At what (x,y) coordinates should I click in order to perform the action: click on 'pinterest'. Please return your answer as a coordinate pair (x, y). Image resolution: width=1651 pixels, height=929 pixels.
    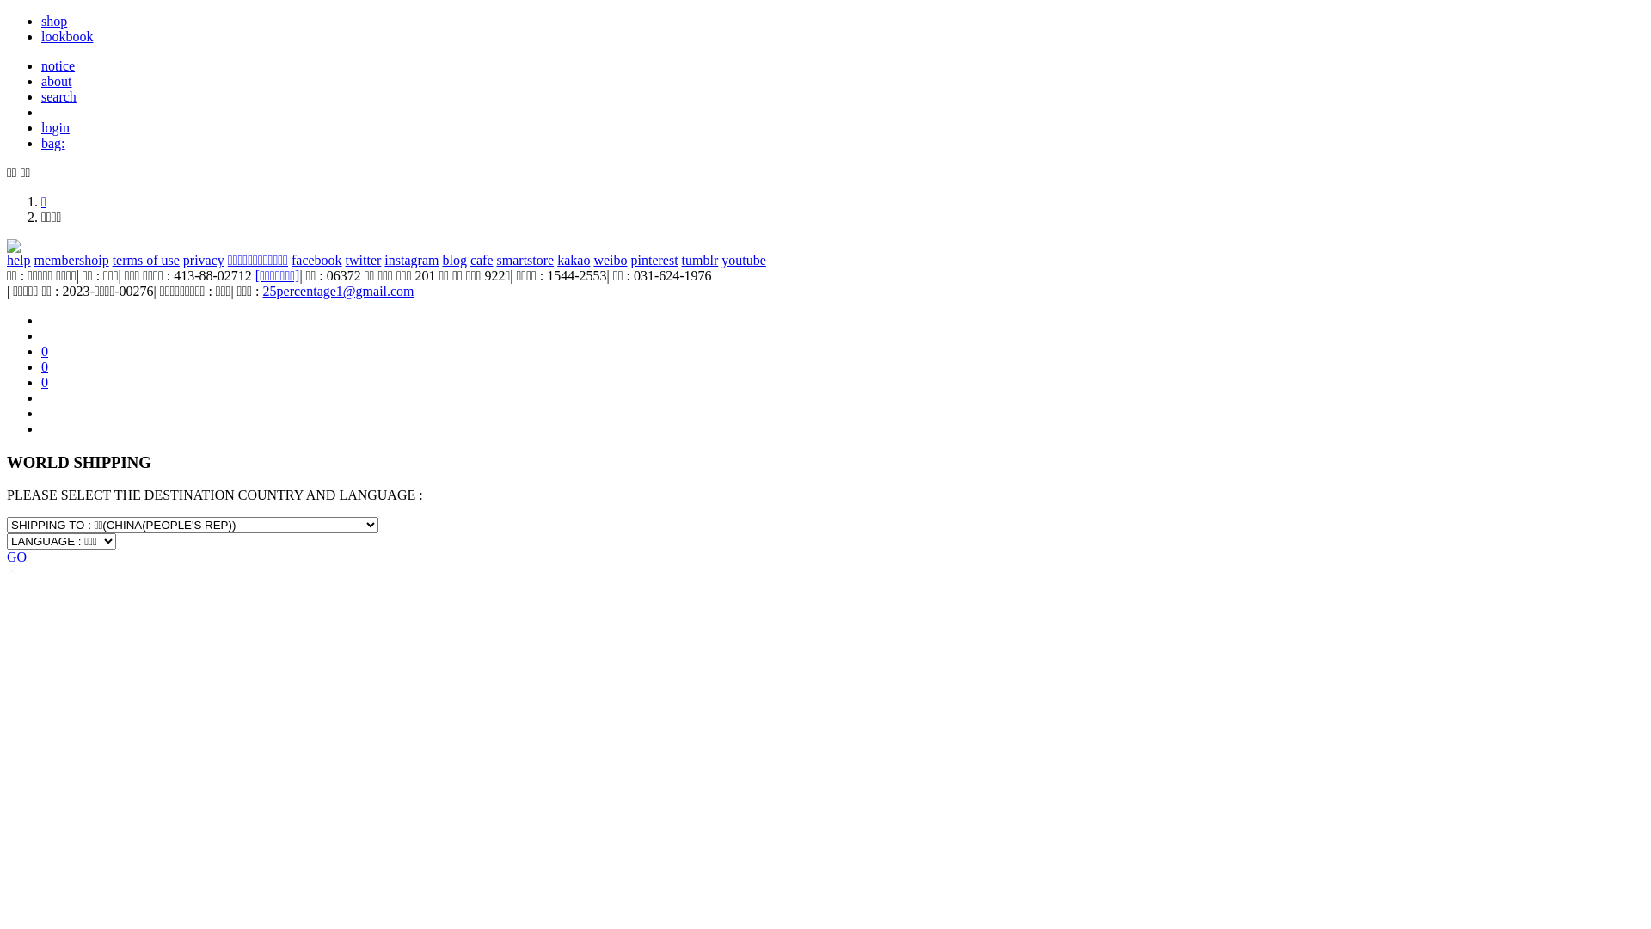
    Looking at the image, I should click on (654, 260).